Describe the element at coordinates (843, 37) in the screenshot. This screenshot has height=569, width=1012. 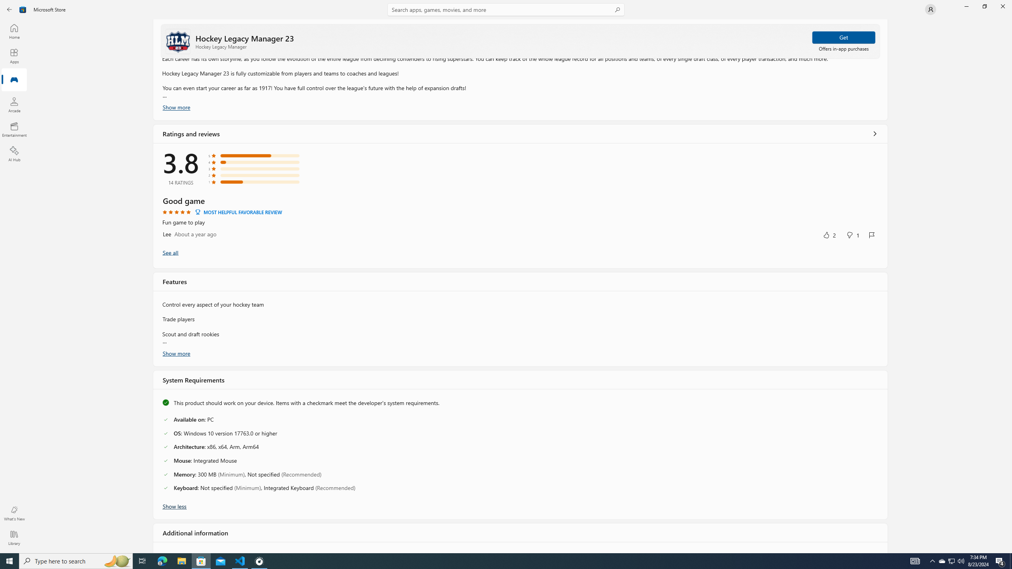
I see `'Get'` at that location.